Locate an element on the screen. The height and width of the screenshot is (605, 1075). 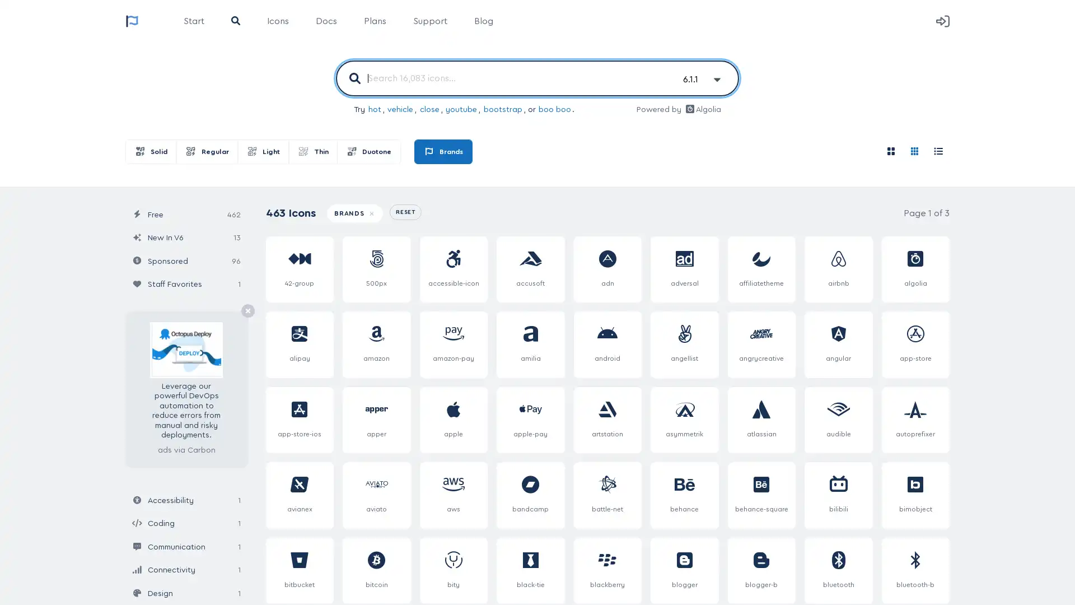
amazon is located at coordinates (376, 351).